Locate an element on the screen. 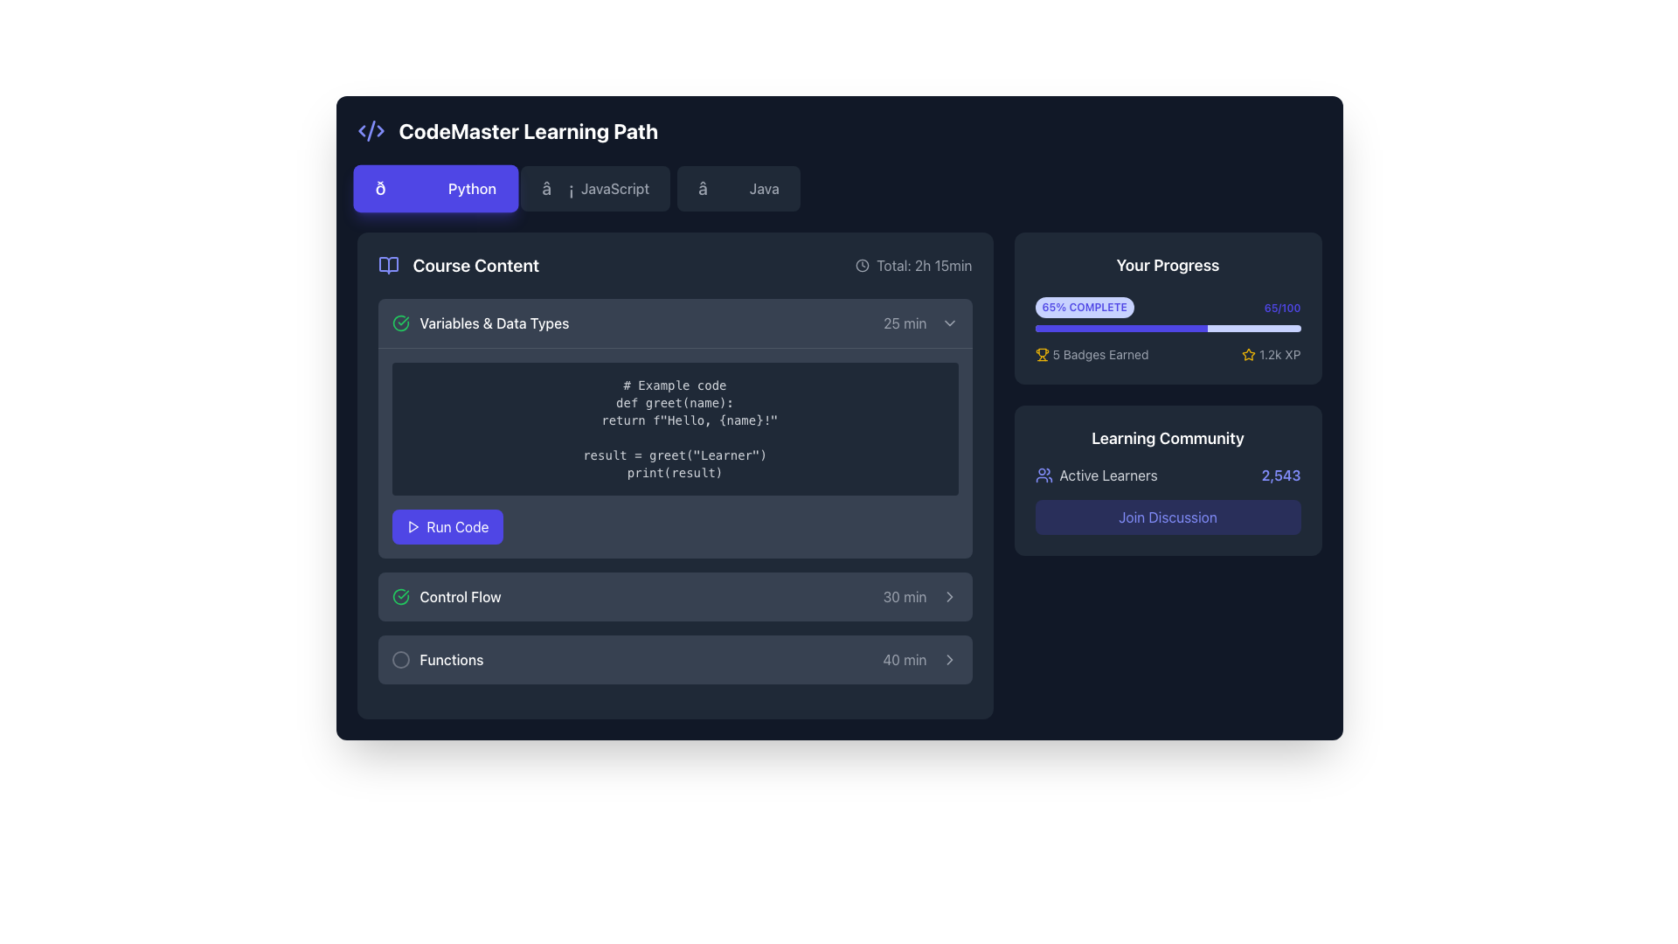 The image size is (1678, 944). the text label displaying '65% COMPLETE' in uppercase letters, which is bold and indigo-colored, located in the 'Your Progress' section is located at coordinates (1084, 306).